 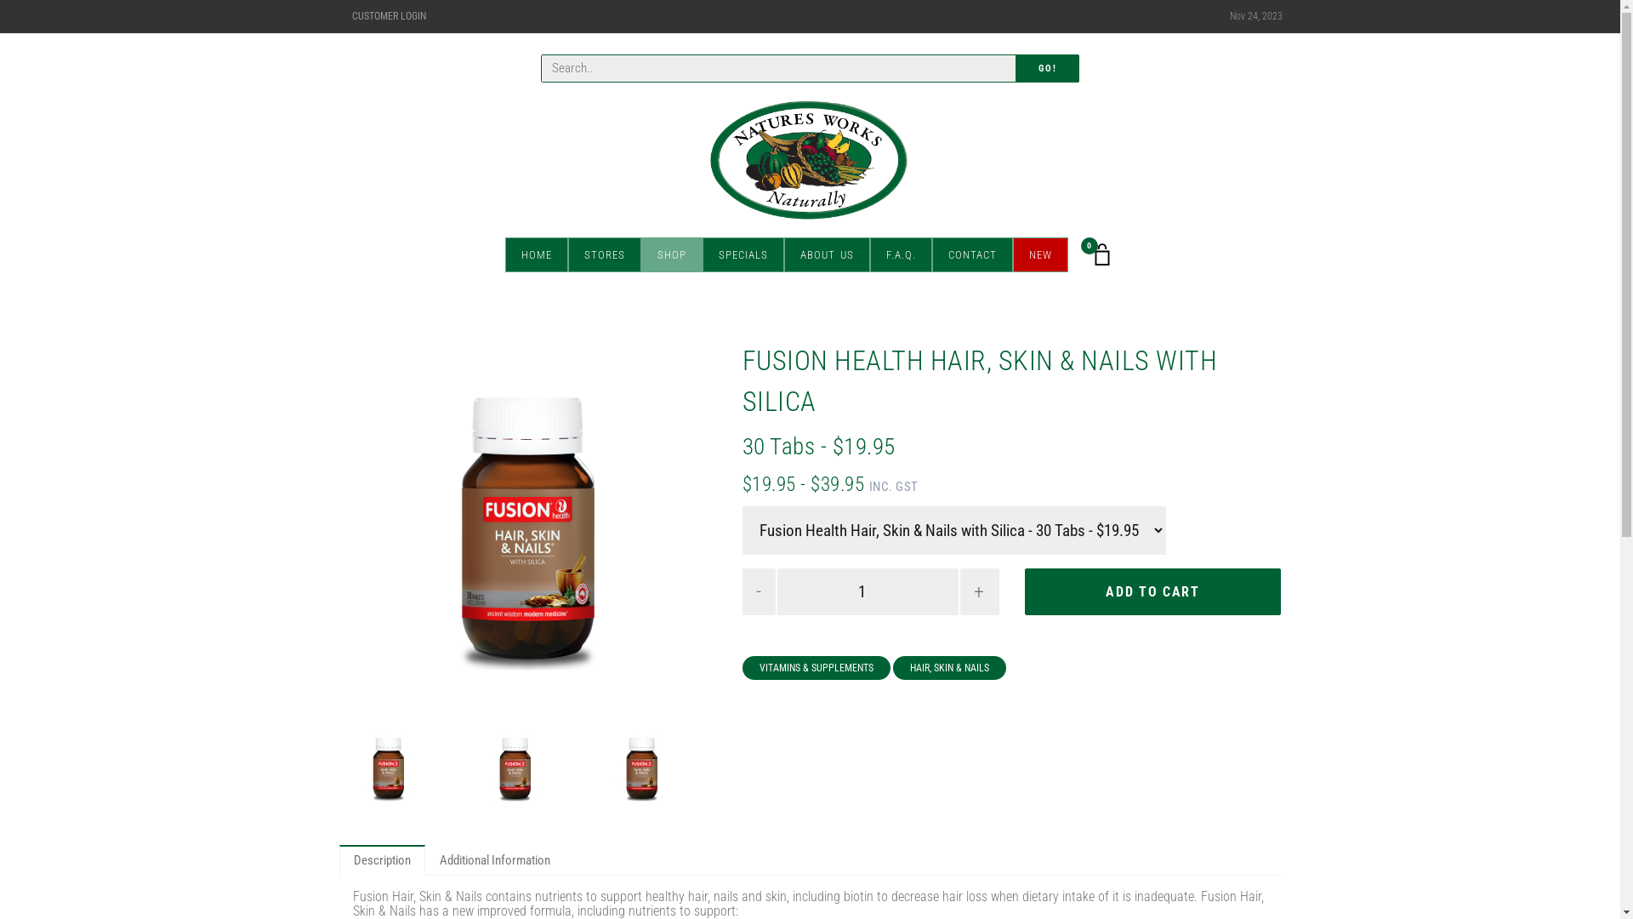 What do you see at coordinates (1038, 254) in the screenshot?
I see `'NEW'` at bounding box center [1038, 254].